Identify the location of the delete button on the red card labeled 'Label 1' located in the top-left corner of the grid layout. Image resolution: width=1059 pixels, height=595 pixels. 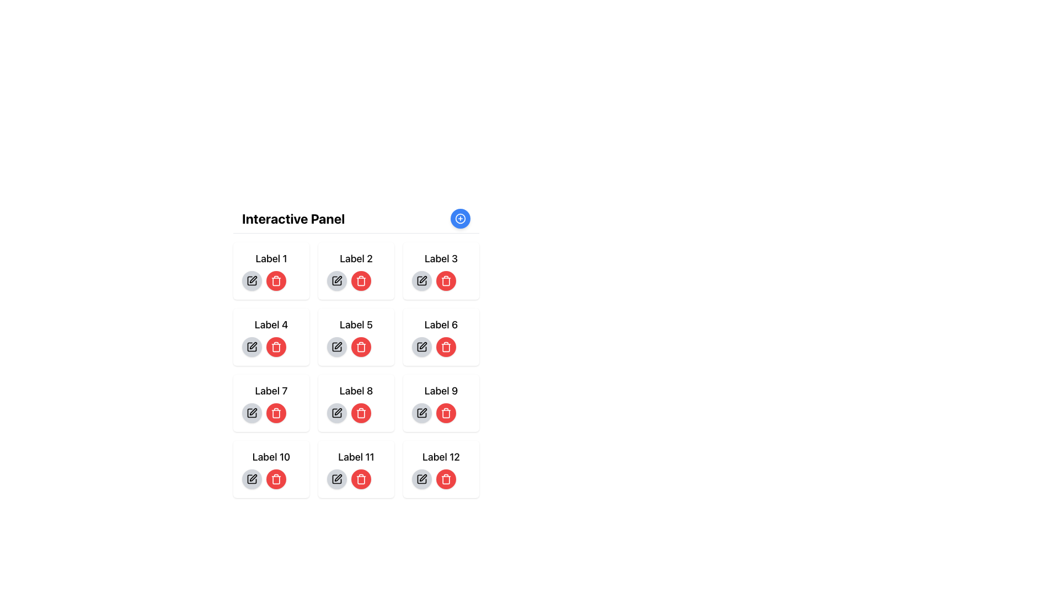
(271, 271).